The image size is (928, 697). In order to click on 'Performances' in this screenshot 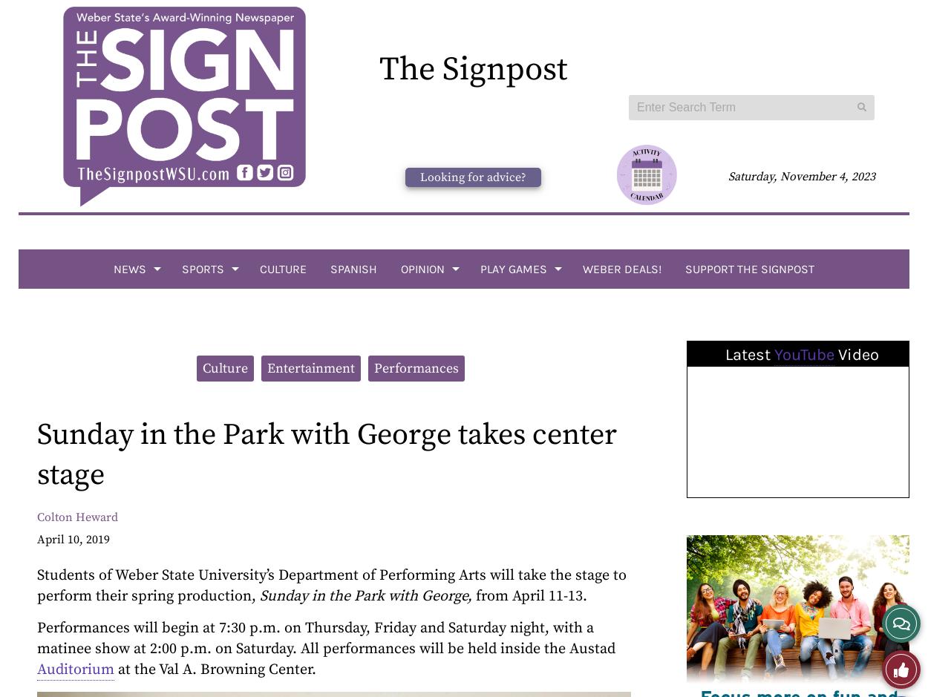, I will do `click(416, 367)`.